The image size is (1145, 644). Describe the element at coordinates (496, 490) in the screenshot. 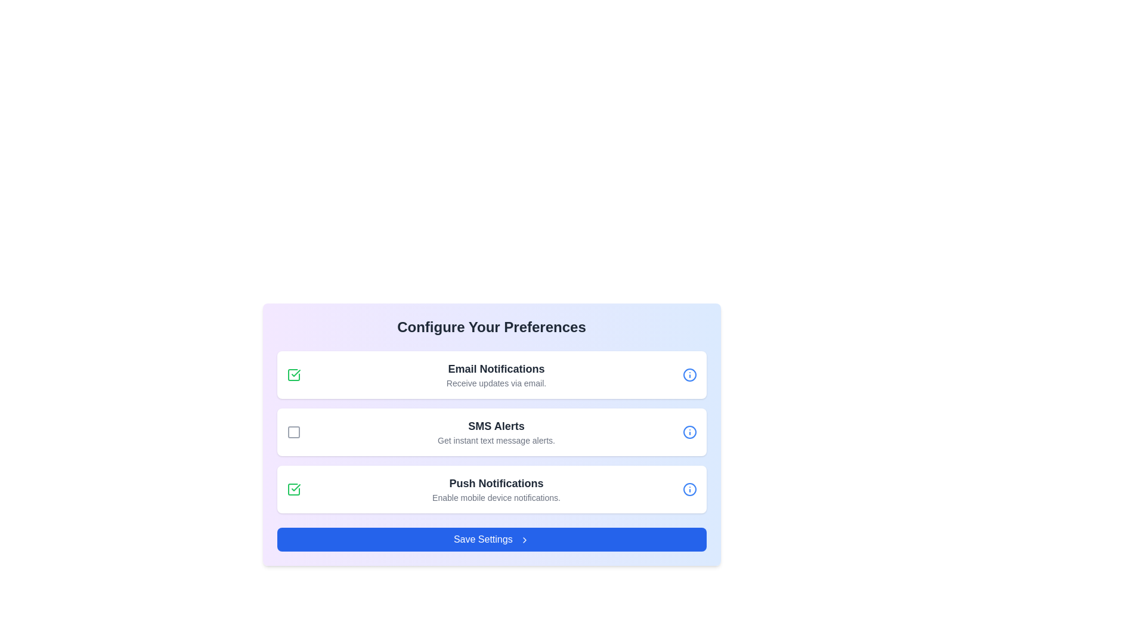

I see `text of the third option in the vertically stacked list of notification settings, which displays an option for enabling push notifications on mobile devices` at that location.